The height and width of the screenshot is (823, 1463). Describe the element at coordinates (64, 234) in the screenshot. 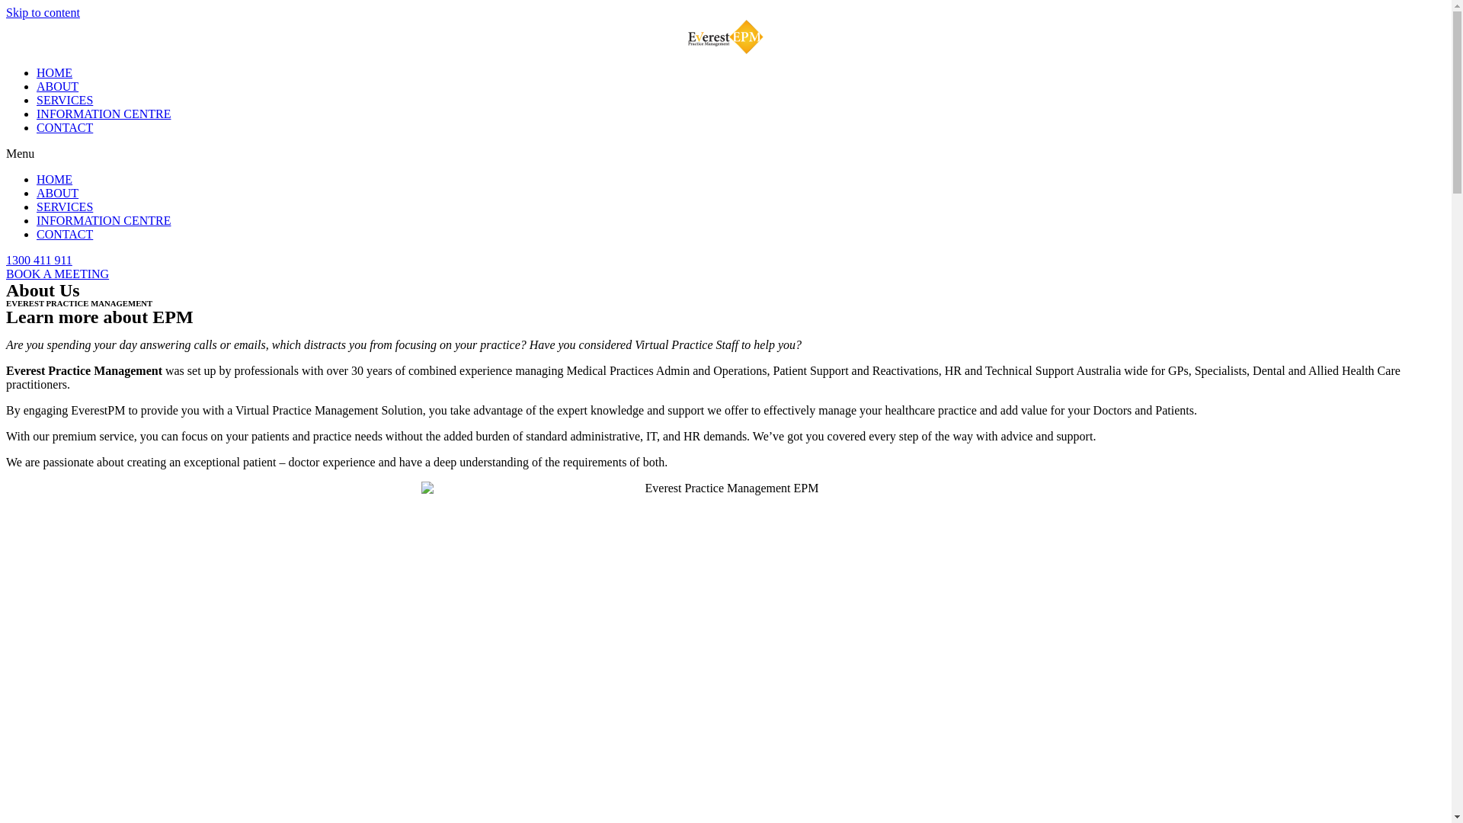

I see `'CONTACT'` at that location.